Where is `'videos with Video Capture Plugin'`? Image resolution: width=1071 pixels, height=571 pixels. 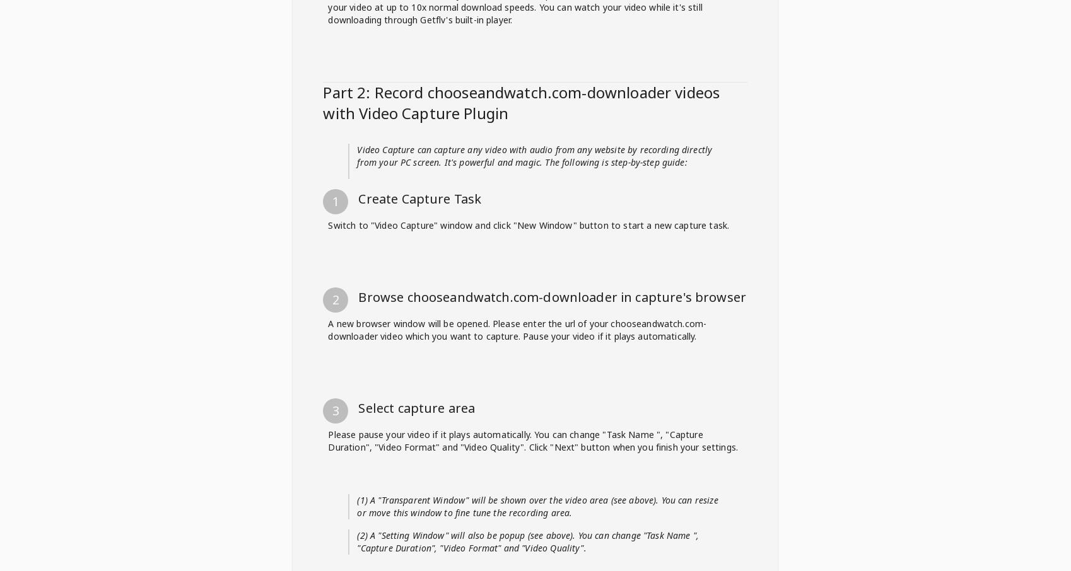
'videos with Video Capture Plugin' is located at coordinates (322, 464).